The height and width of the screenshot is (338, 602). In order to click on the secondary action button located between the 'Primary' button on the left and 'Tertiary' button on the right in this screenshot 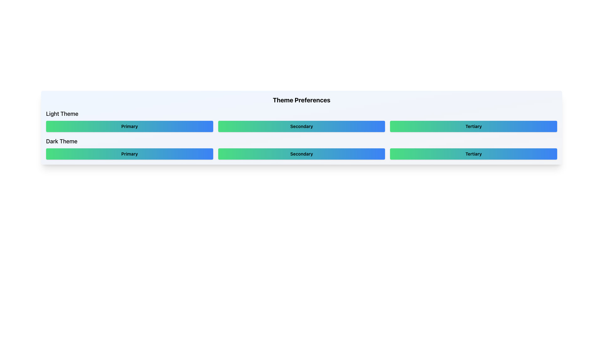, I will do `click(301, 126)`.